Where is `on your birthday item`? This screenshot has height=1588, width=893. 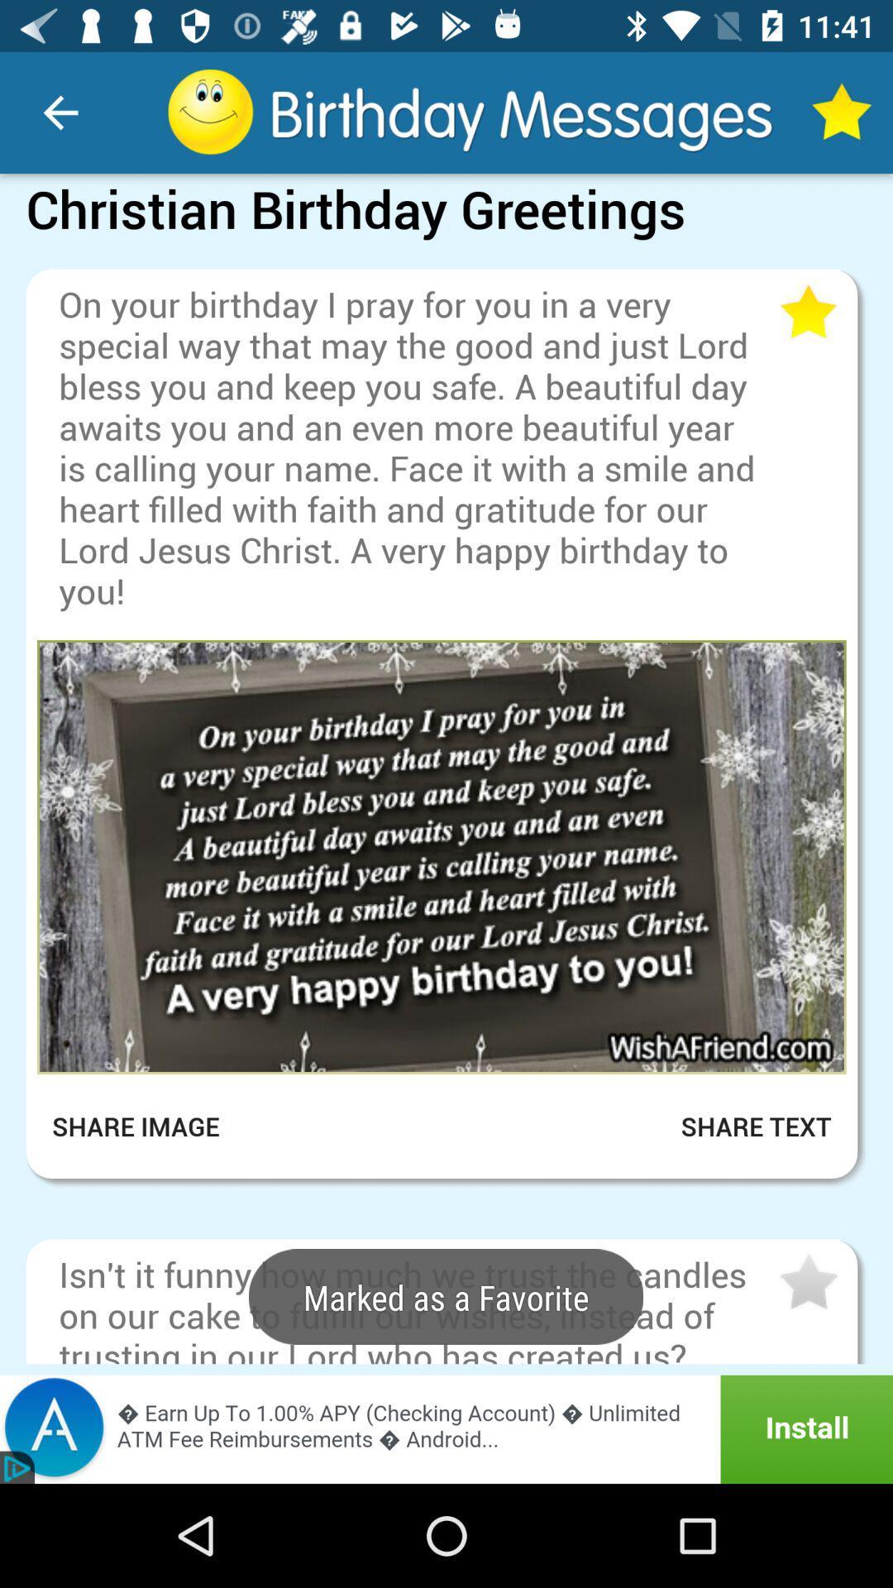 on your birthday item is located at coordinates (416, 447).